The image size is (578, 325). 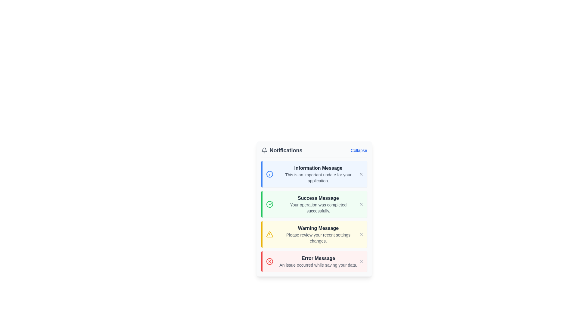 What do you see at coordinates (318, 261) in the screenshot?
I see `formatting or styling of the Text label element that displays an error message regarding saving data, located inside the red-bordered notification at the bottom of the stack of notifications` at bounding box center [318, 261].